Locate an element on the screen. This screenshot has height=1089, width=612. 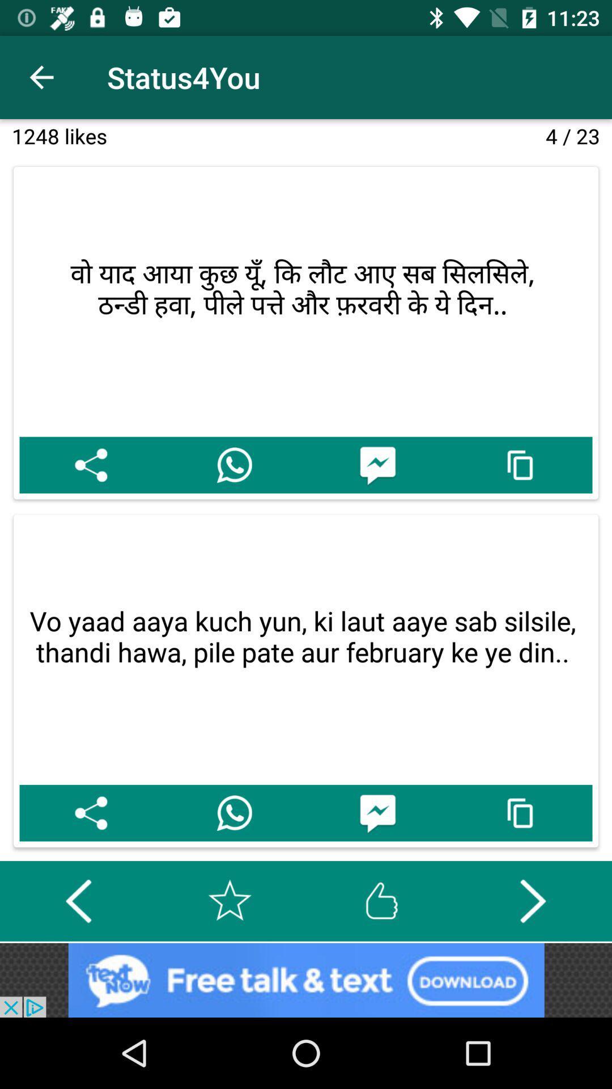
send message is located at coordinates (377, 812).